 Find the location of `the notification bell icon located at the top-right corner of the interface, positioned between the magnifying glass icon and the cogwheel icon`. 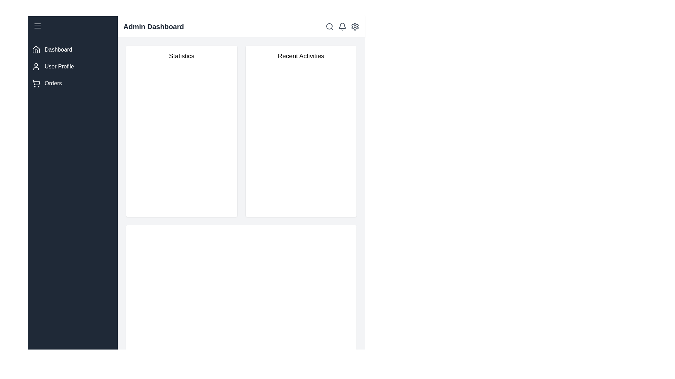

the notification bell icon located at the top-right corner of the interface, positioned between the magnifying glass icon and the cogwheel icon is located at coordinates (342, 26).